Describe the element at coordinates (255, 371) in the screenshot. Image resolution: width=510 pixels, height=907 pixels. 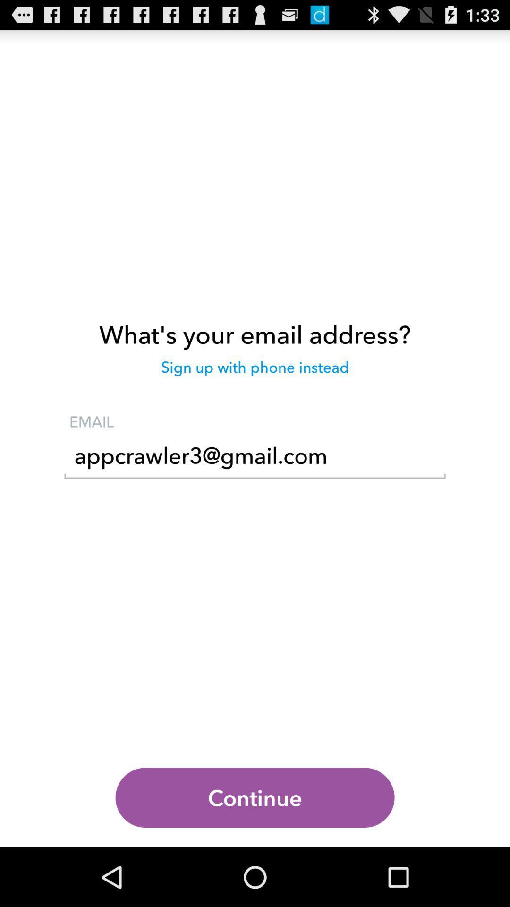
I see `the sign up with icon` at that location.